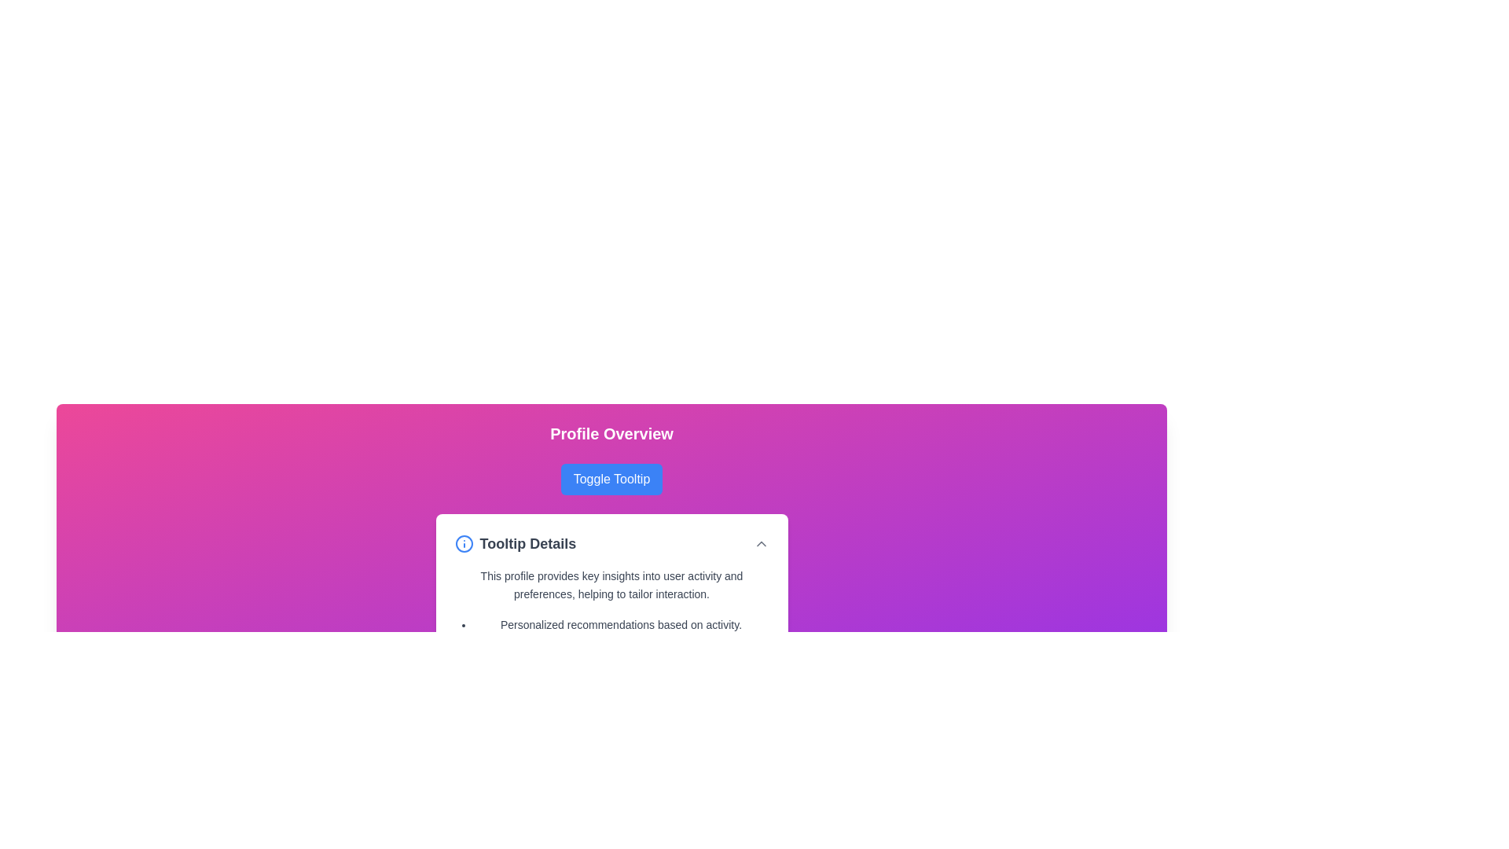 The width and height of the screenshot is (1509, 849). What do you see at coordinates (611, 601) in the screenshot?
I see `contents of the Informational Tooltip that appears centrally beneath the 'Toggle Tooltip' button` at bounding box center [611, 601].